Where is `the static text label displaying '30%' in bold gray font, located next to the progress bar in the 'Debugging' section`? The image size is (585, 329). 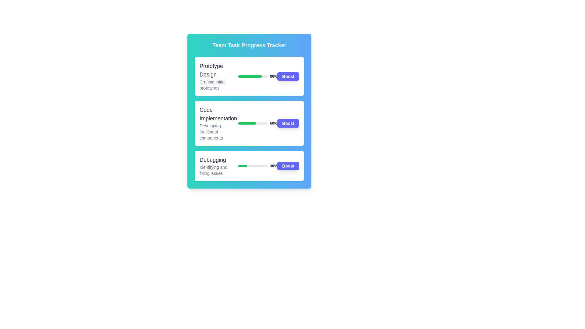
the static text label displaying '30%' in bold gray font, located next to the progress bar in the 'Debugging' section is located at coordinates (273, 166).